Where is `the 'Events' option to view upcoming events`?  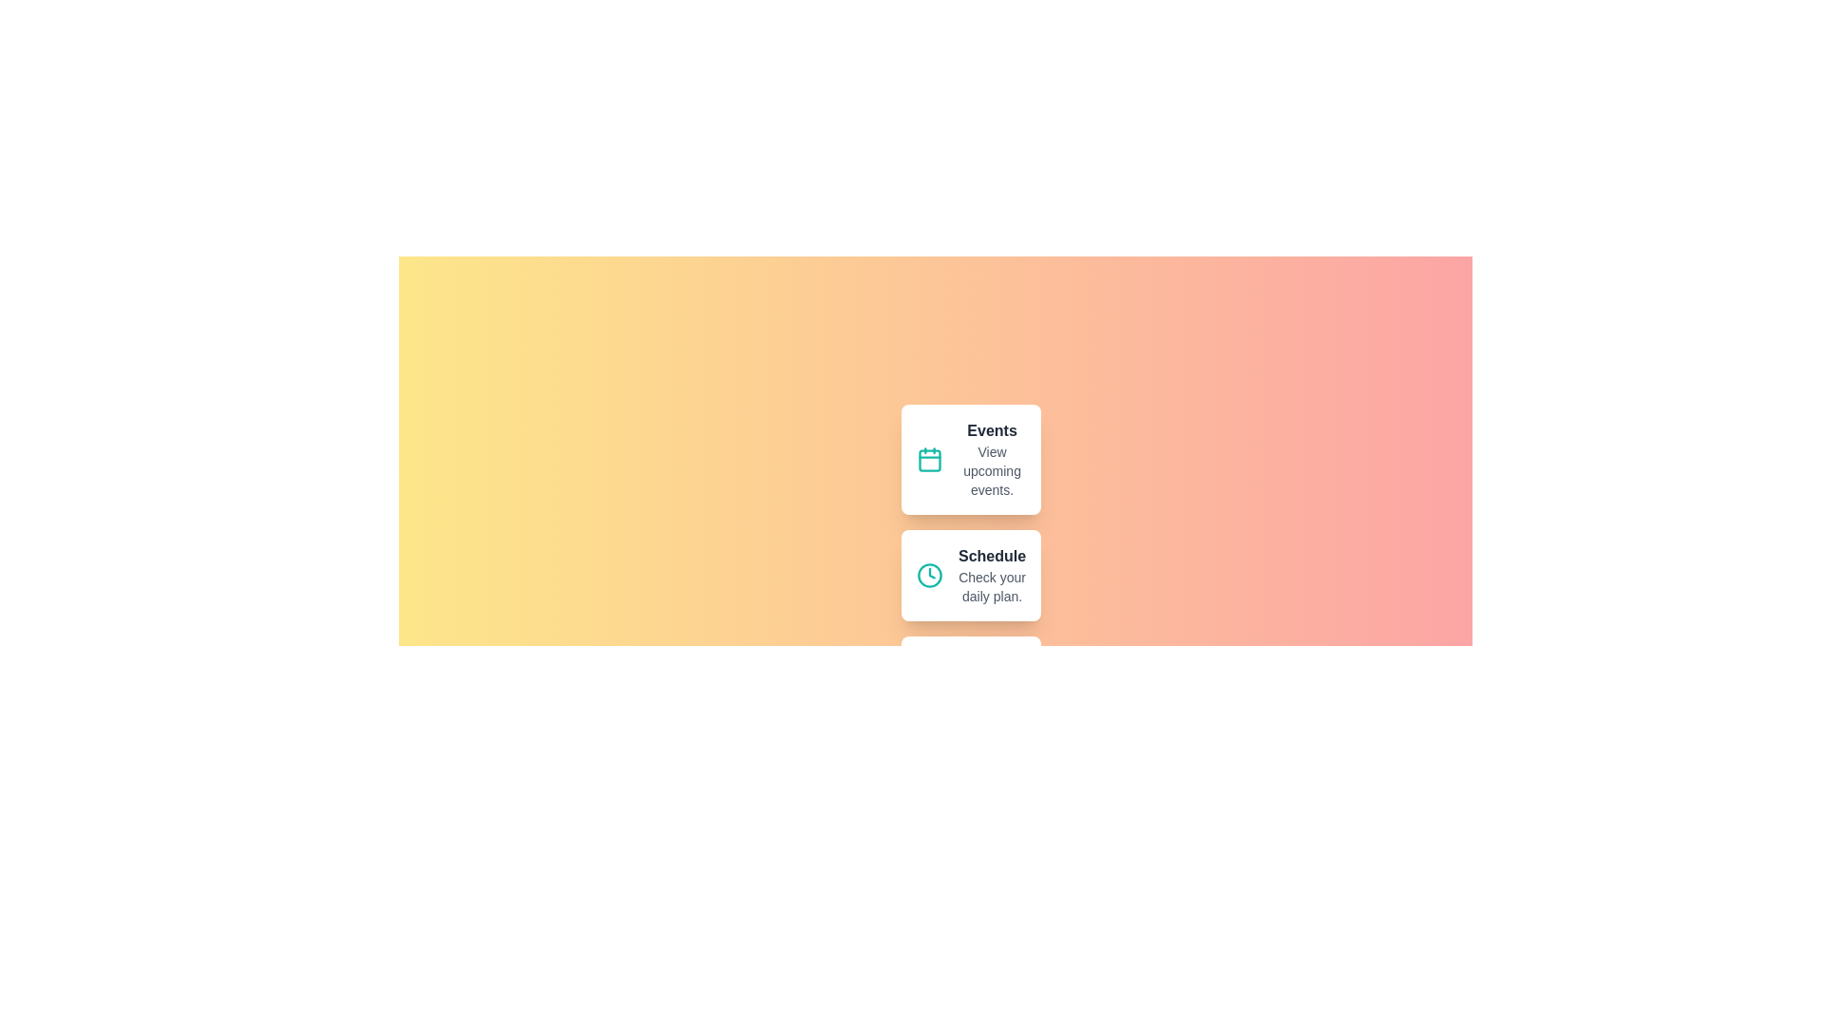
the 'Events' option to view upcoming events is located at coordinates (971, 459).